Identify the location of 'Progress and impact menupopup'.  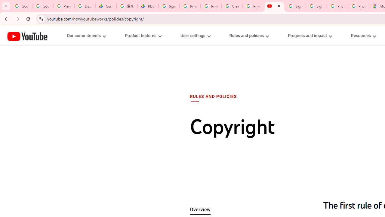
(310, 36).